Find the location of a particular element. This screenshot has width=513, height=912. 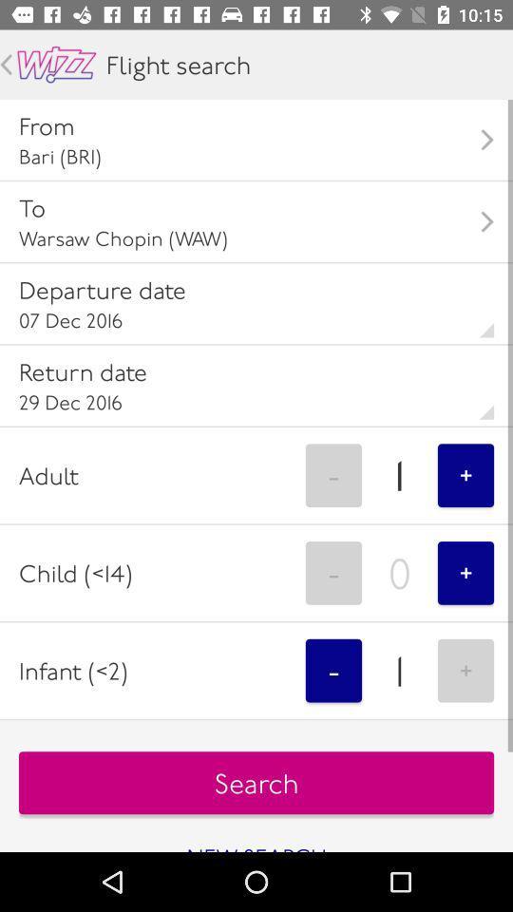

back to home page is located at coordinates (56, 65).